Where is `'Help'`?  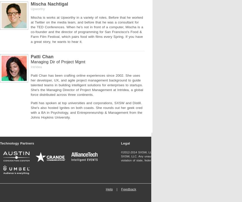 'Help' is located at coordinates (105, 189).